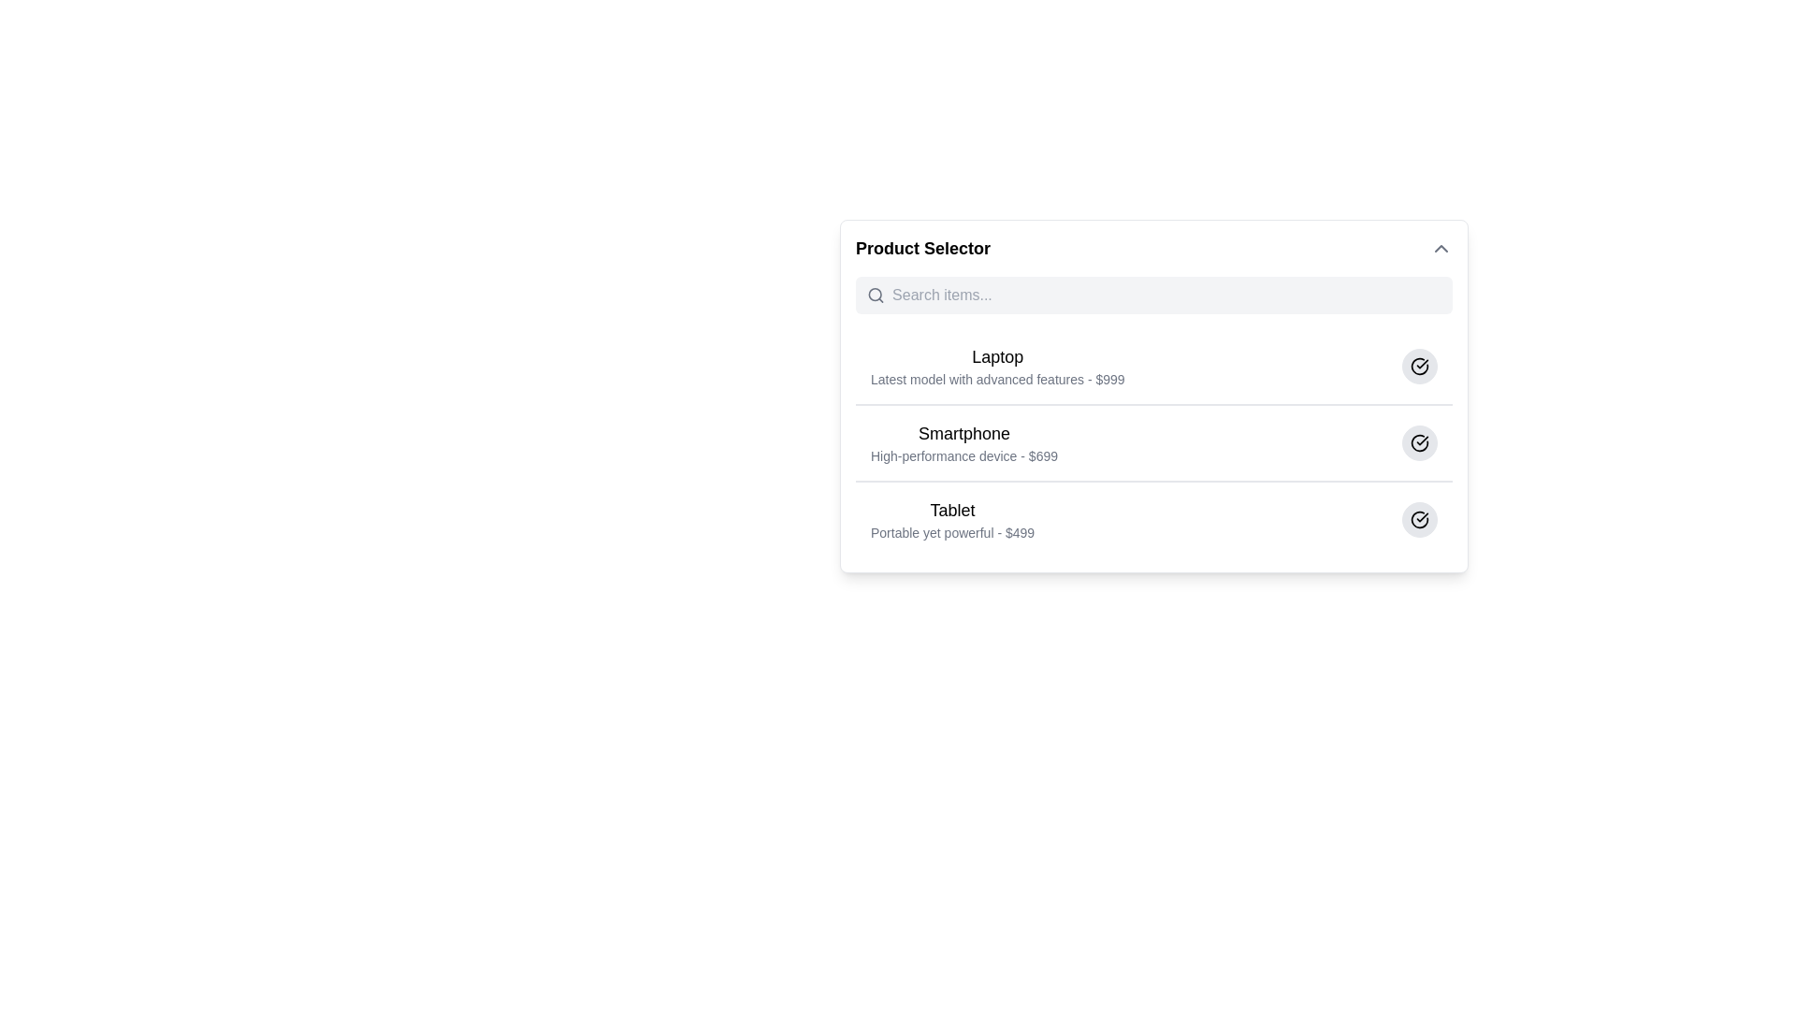  Describe the element at coordinates (952, 511) in the screenshot. I see `the static text label representing the 'Tablet' product category in the 'Product Selector' interface` at that location.